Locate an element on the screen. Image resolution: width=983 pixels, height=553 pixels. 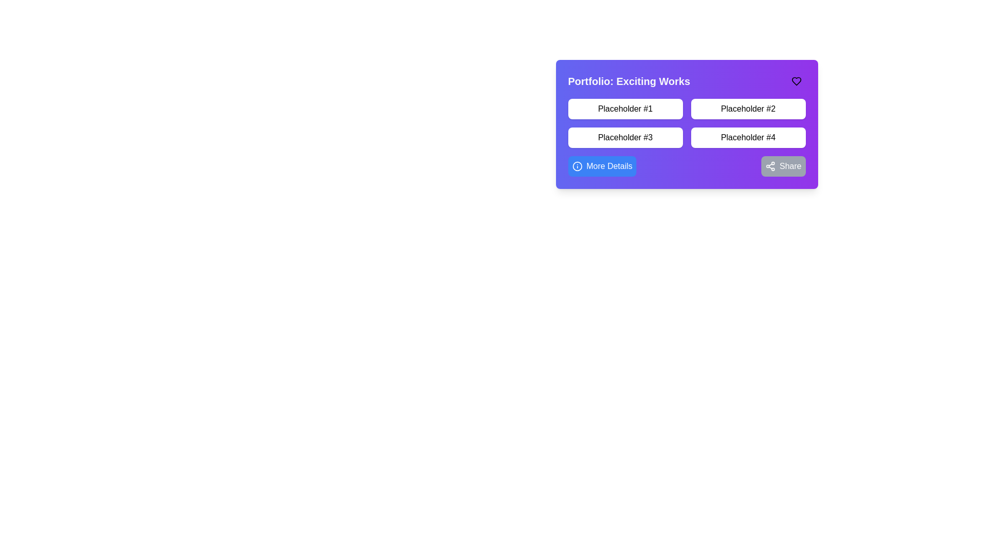
the 'Share' button located at the bottom-right corner of a purple card, which contains a minimalist network structure icon is located at coordinates (770, 165).